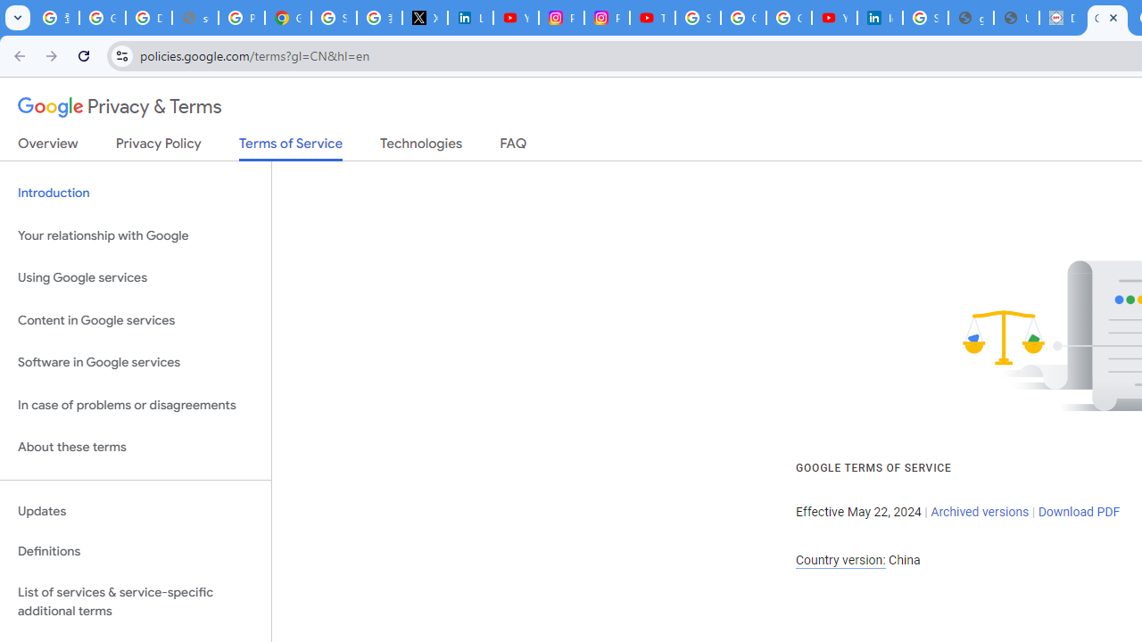 This screenshot has height=642, width=1142. I want to click on 'Software in Google services', so click(135, 362).